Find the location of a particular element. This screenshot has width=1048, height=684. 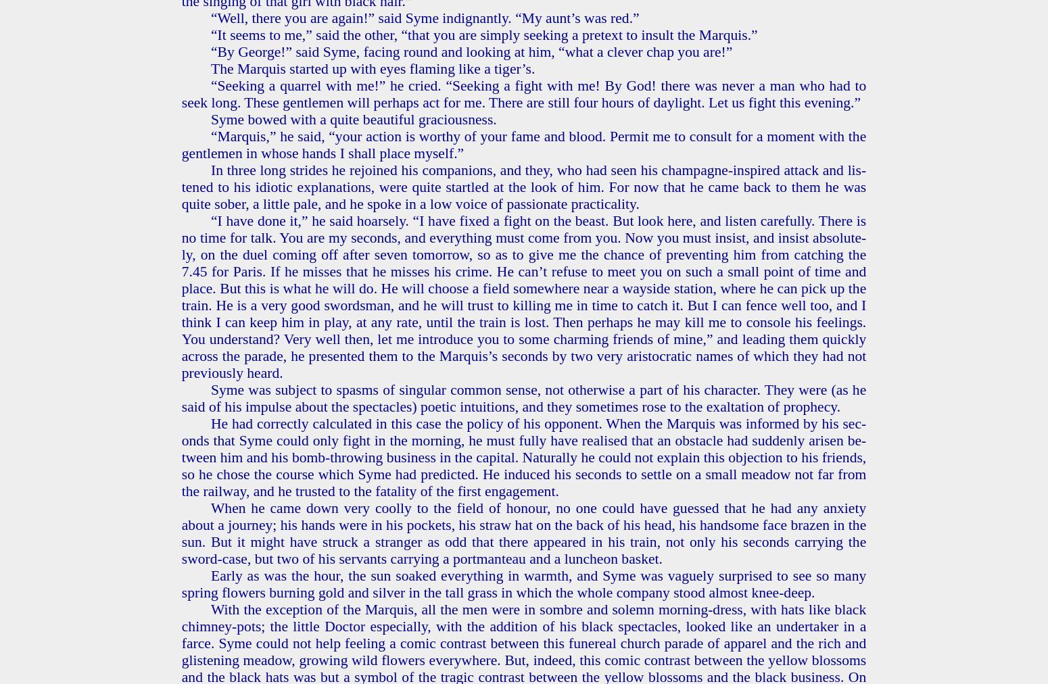

'“Mar­quis,” he said, “your ac­tion is wor­thy of your fame and blood. Per­mit me to con­sult for a mo­ment with the gen­tle­men in whose hands I shall place my­self.”' is located at coordinates (523, 144).